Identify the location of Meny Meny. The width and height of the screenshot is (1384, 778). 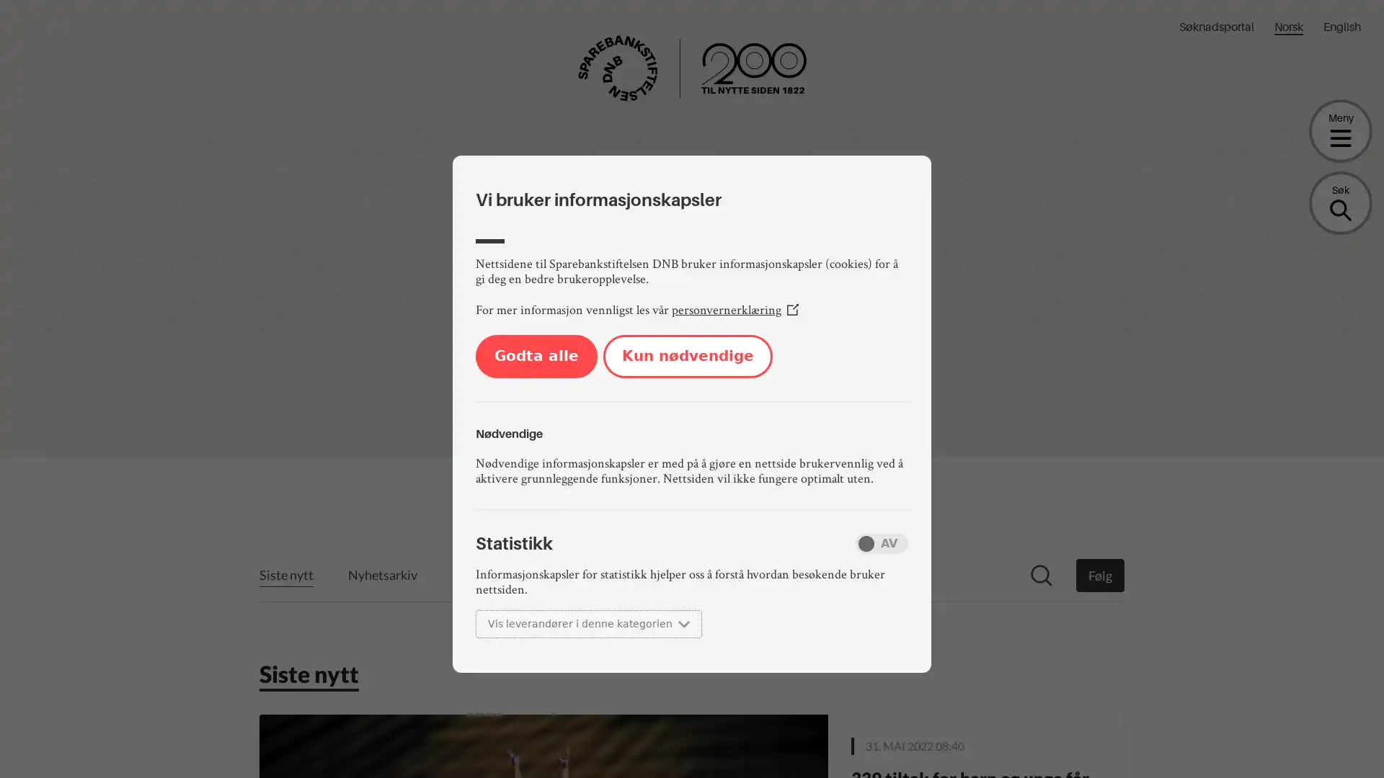
(1340, 130).